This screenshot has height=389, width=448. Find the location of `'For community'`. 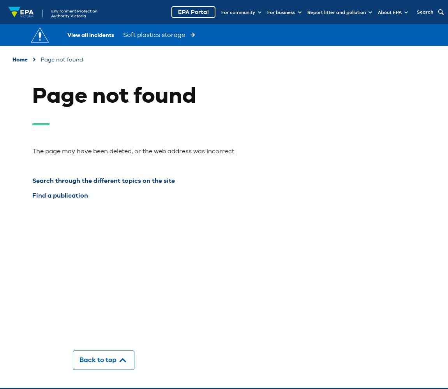

'For community' is located at coordinates (238, 12).